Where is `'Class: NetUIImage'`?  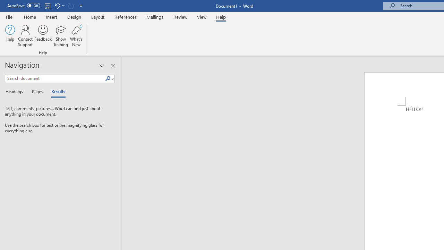 'Class: NetUIImage' is located at coordinates (108, 78).